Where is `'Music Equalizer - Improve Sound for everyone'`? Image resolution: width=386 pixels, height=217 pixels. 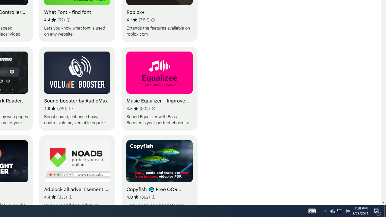 'Music Equalizer - Improve Sound for everyone' is located at coordinates (160, 88).